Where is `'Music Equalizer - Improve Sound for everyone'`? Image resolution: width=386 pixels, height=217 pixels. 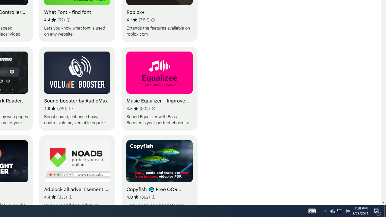 'Music Equalizer - Improve Sound for everyone' is located at coordinates (160, 88).